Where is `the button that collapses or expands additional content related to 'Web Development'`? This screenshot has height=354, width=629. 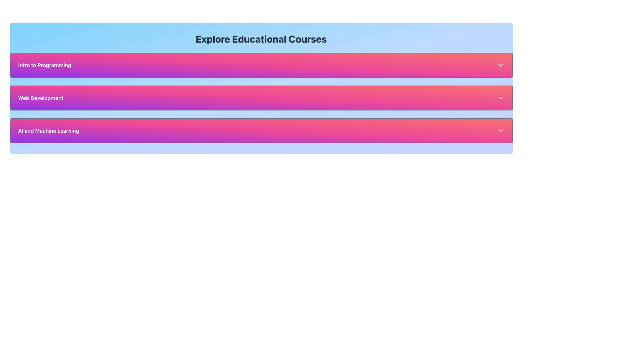
the button that collapses or expands additional content related to 'Web Development' is located at coordinates (261, 98).